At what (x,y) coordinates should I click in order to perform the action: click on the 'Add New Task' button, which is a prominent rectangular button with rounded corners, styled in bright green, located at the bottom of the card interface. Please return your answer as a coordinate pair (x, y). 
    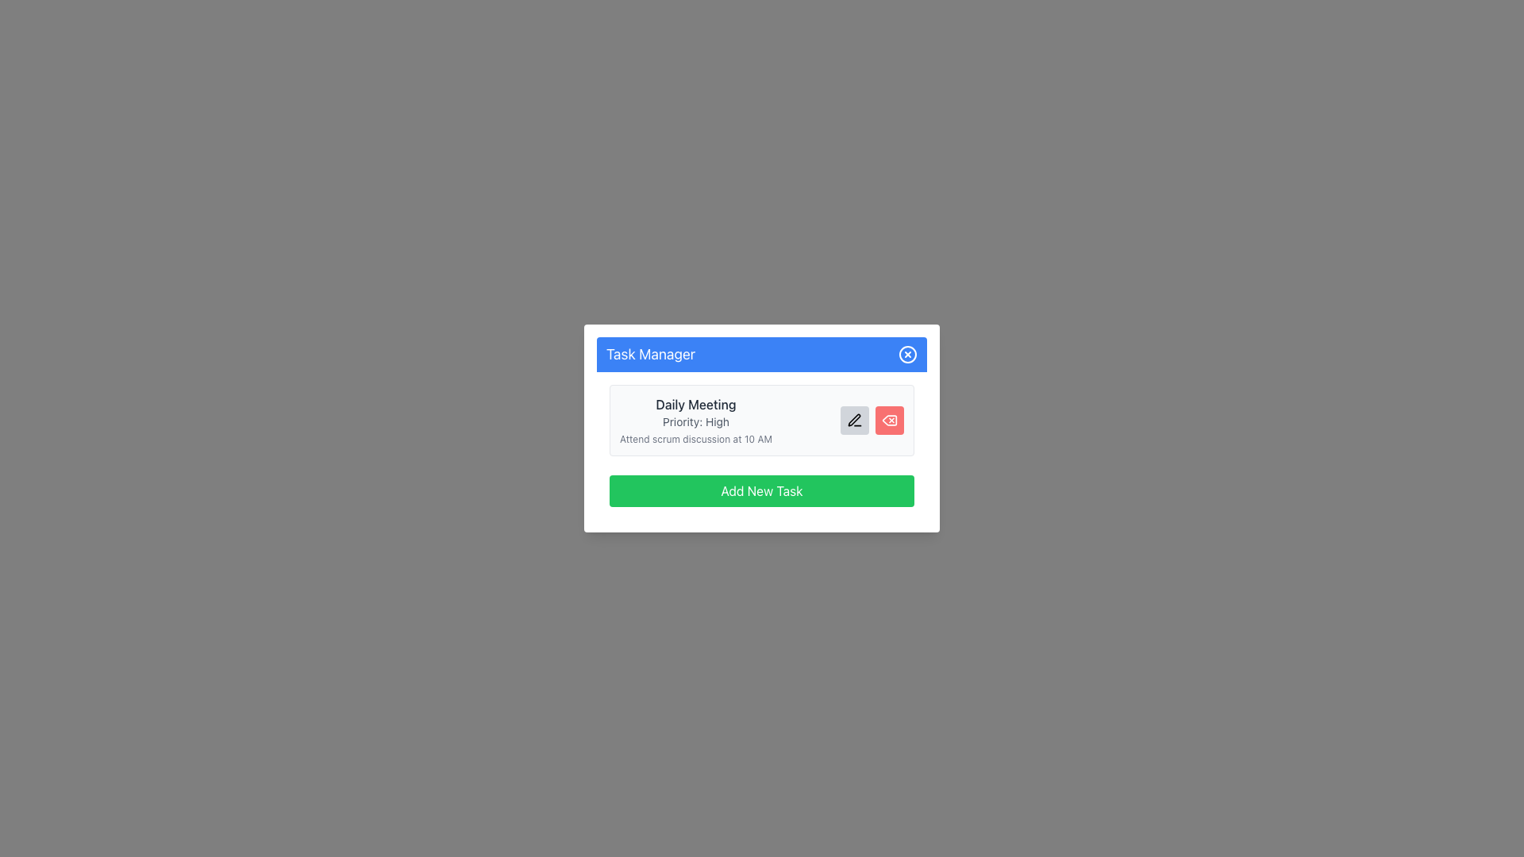
    Looking at the image, I should click on (762, 490).